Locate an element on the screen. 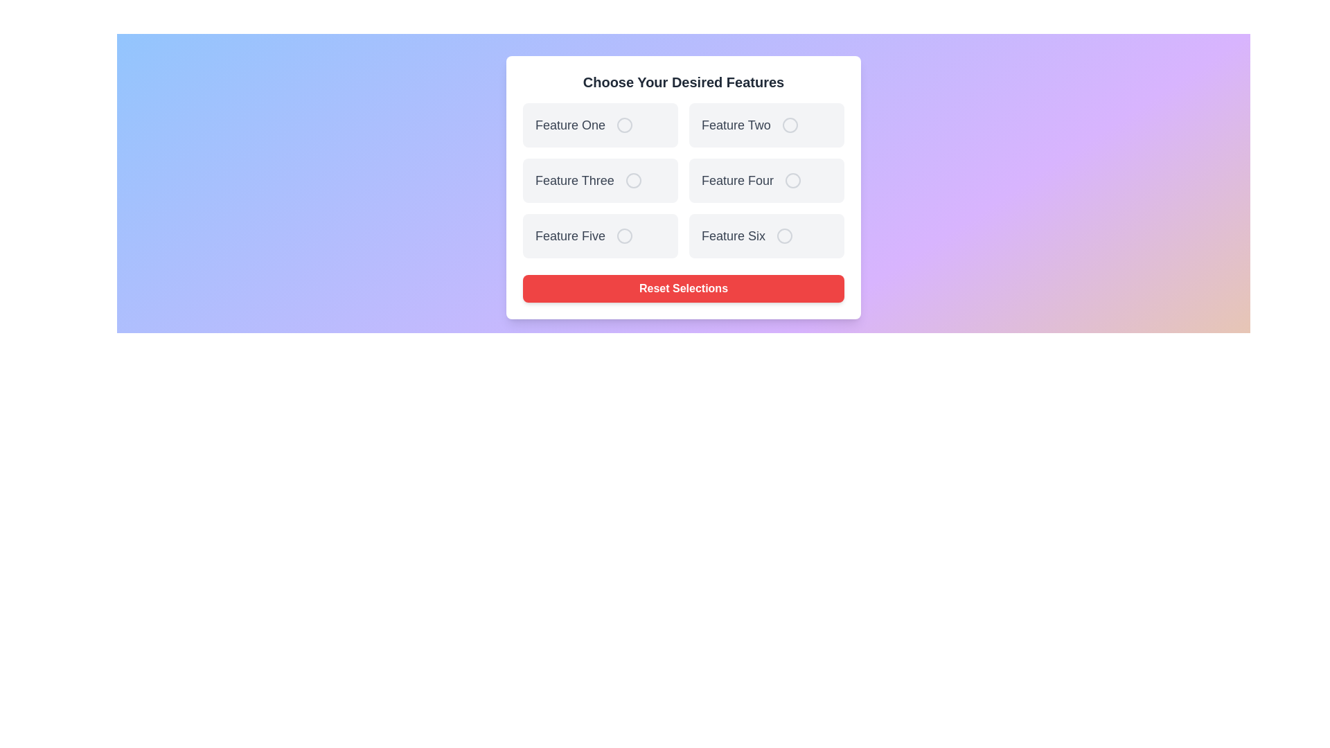 Image resolution: width=1330 pixels, height=748 pixels. the 'Reset Selections' button to reset all feature selections to default is located at coordinates (684, 287).